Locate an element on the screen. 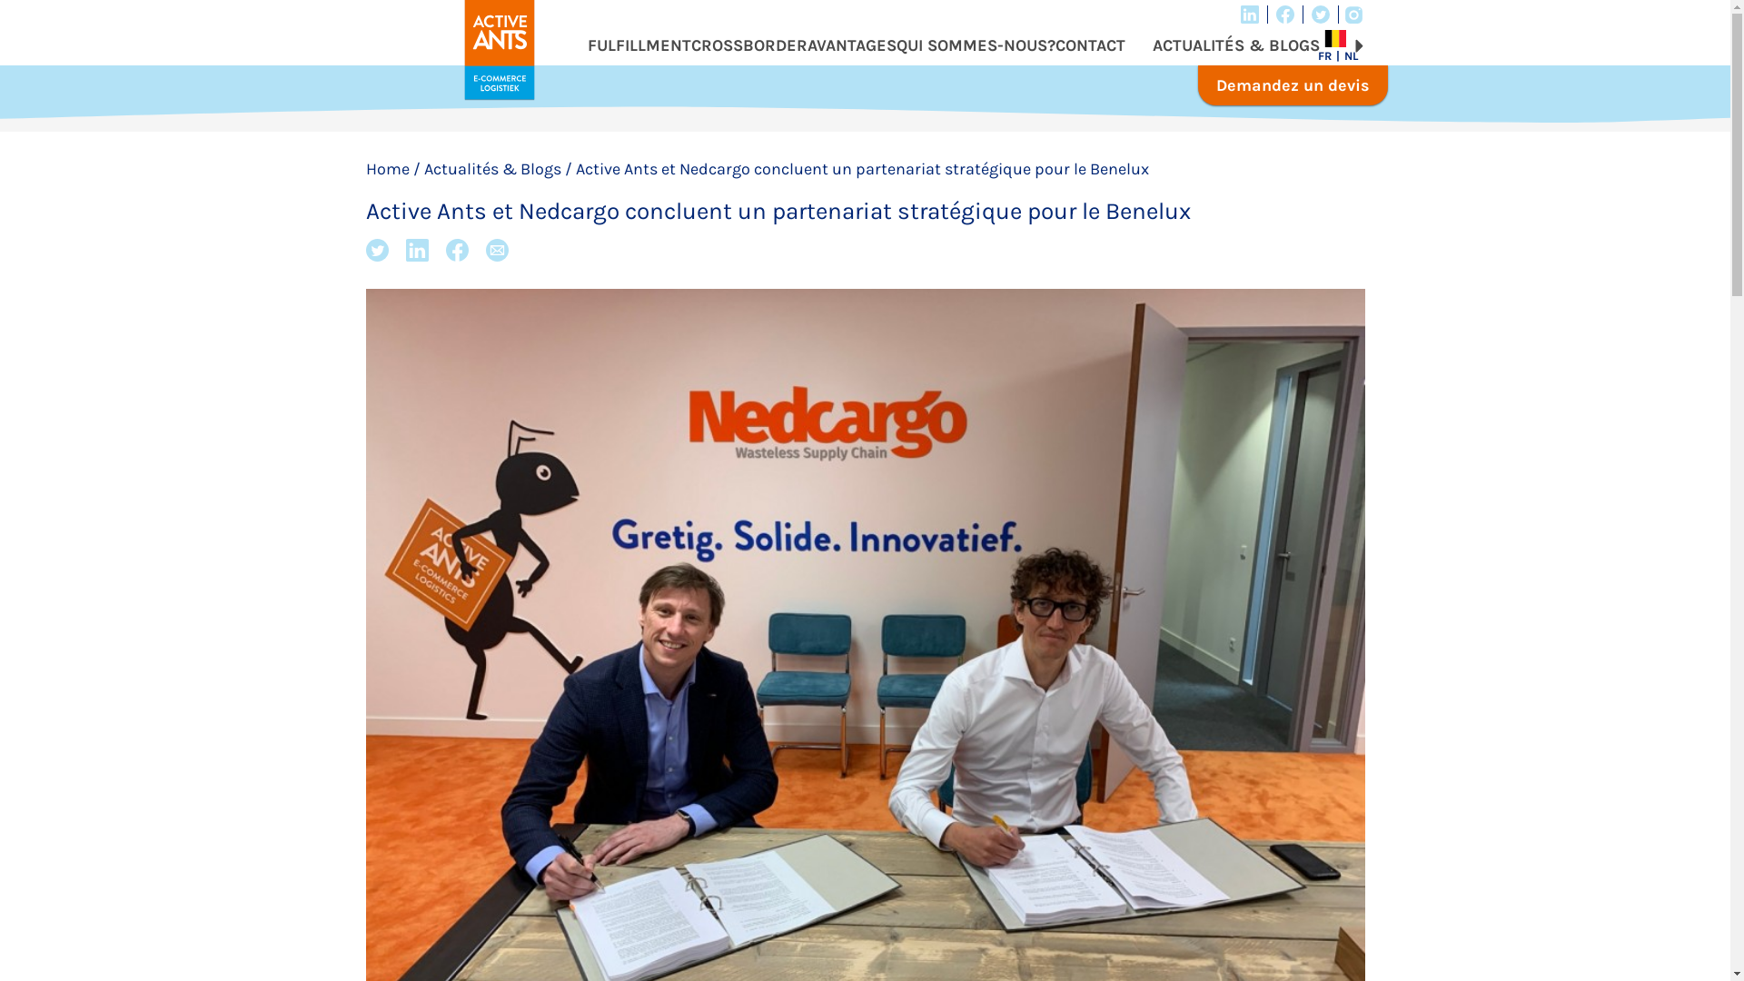 The height and width of the screenshot is (981, 1744). 'FULFILLMENT' is located at coordinates (638, 45).